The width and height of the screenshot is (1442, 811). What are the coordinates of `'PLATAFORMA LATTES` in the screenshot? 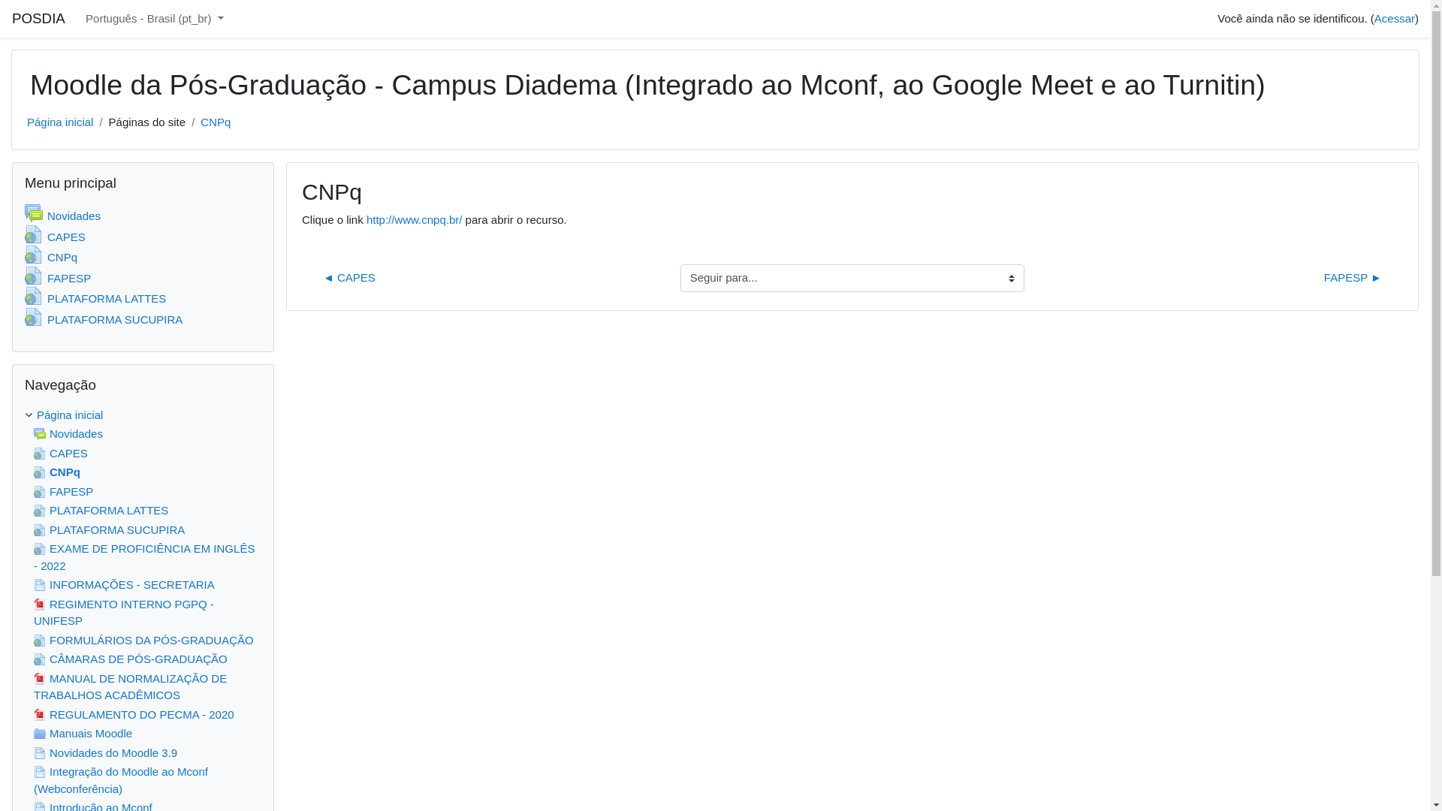 It's located at (94, 298).